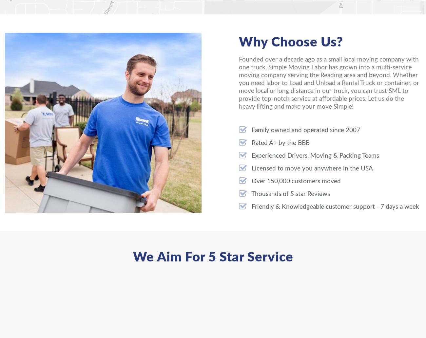 The height and width of the screenshot is (338, 426). Describe the element at coordinates (291, 42) in the screenshot. I see `'Why Choose Us?'` at that location.